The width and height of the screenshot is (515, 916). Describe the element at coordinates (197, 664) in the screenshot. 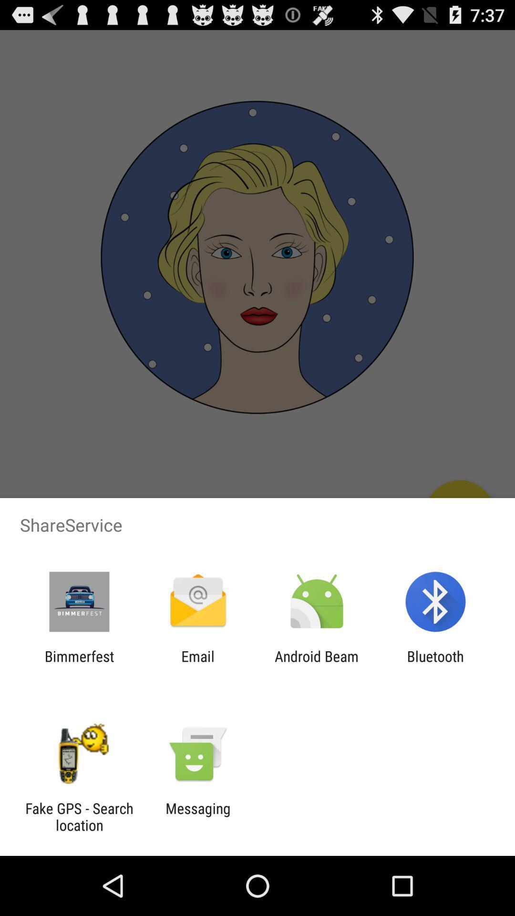

I see `the app to the right of the bimmerfest app` at that location.